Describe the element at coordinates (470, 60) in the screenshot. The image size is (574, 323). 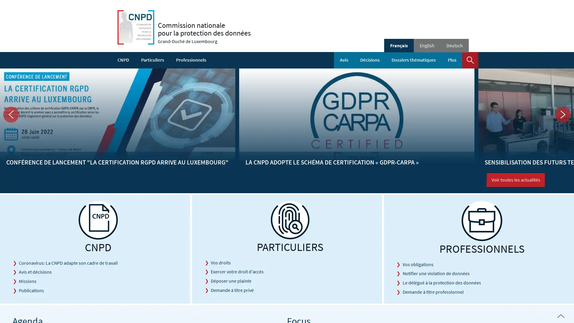
I see `Rechercher` at that location.